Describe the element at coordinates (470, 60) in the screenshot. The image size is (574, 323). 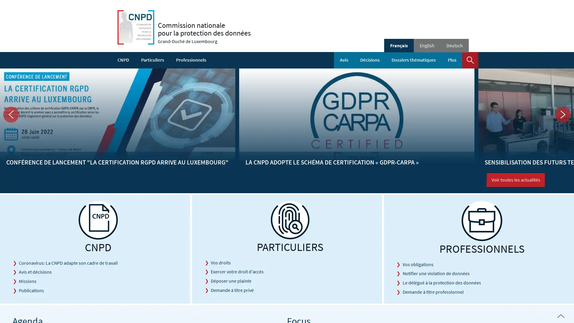
I see `Rechercher` at that location.